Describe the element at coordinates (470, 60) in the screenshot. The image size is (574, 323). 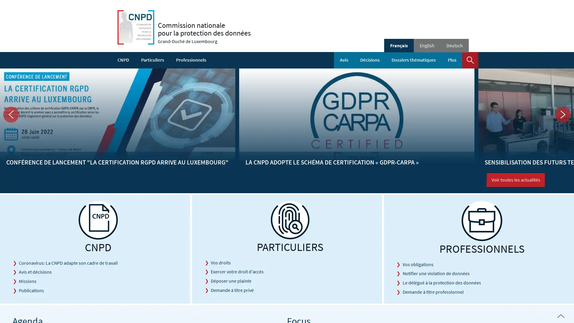
I see `Rechercher` at that location.